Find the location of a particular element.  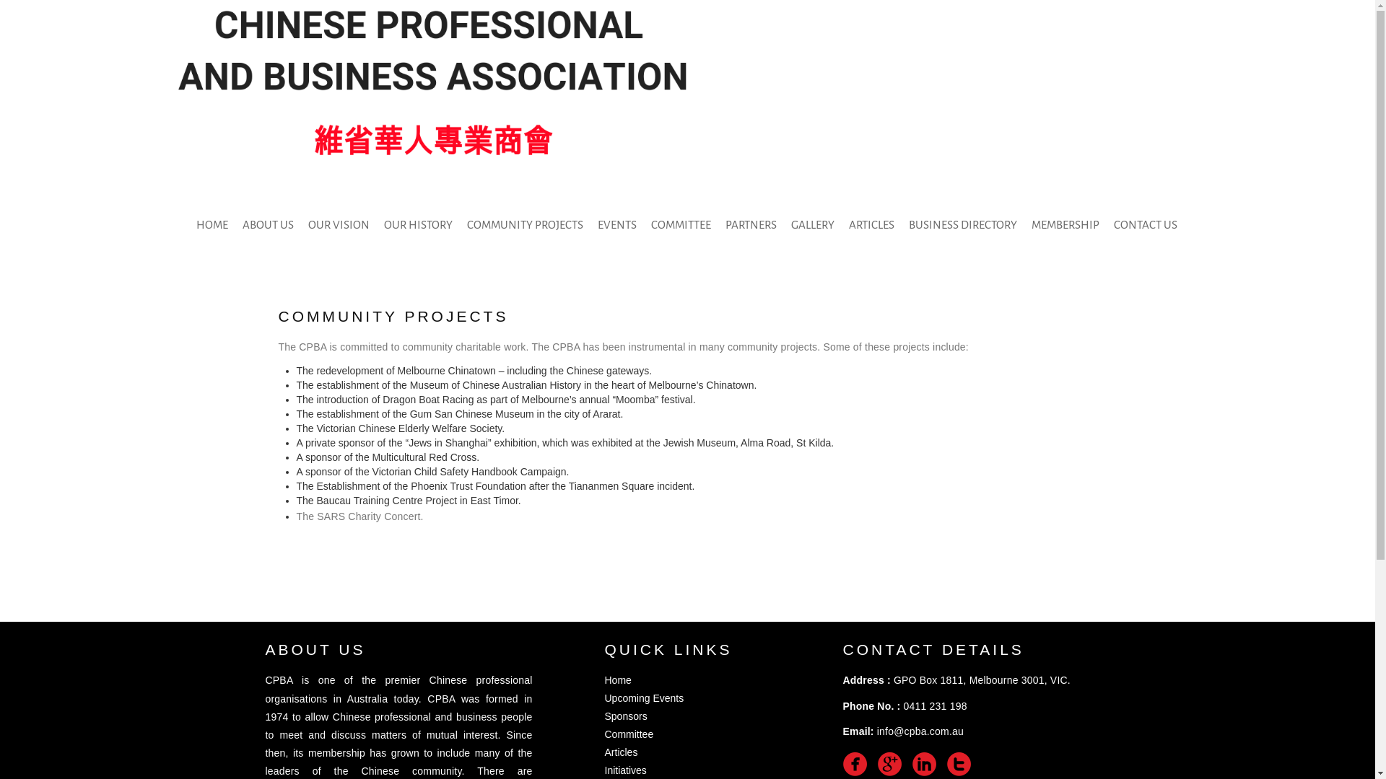

'Sponsors' is located at coordinates (605, 716).